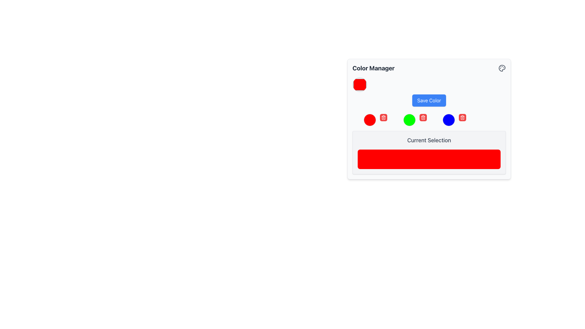 The height and width of the screenshot is (329, 585). I want to click on the save button located at the center of the Color Manager interface to confirm the selected color settings, so click(429, 100).